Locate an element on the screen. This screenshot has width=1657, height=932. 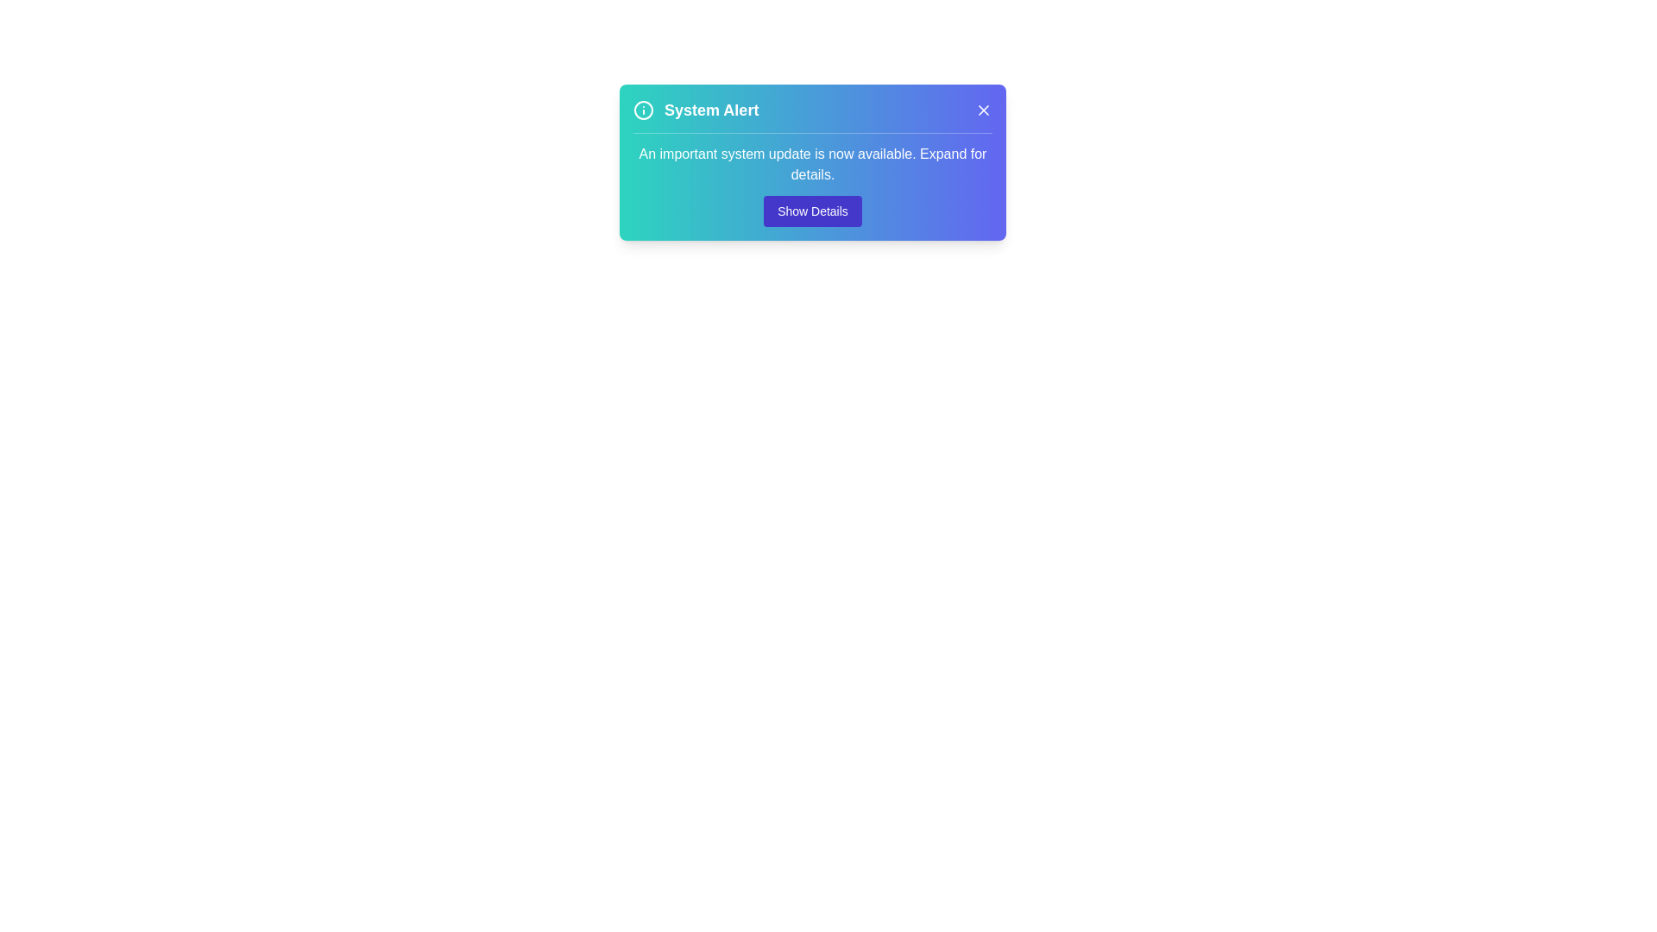
the close button to dismiss the alert is located at coordinates (984, 110).